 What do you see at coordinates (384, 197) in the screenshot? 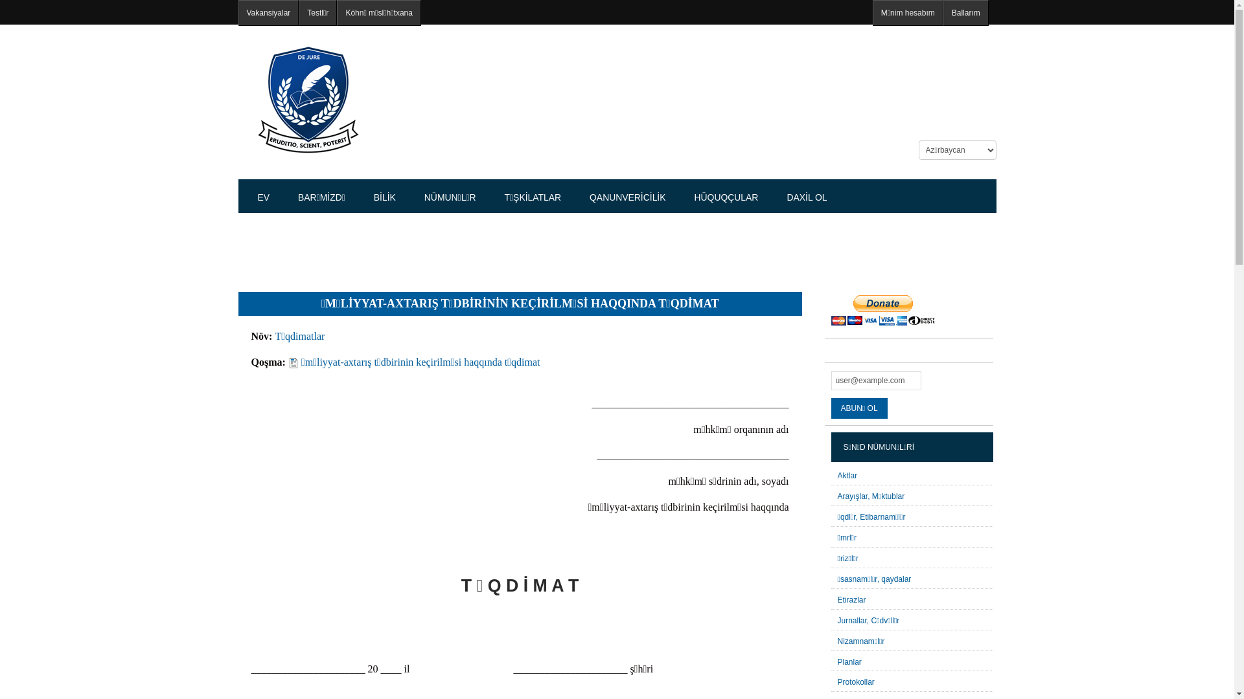
I see `'BILIK'` at bounding box center [384, 197].